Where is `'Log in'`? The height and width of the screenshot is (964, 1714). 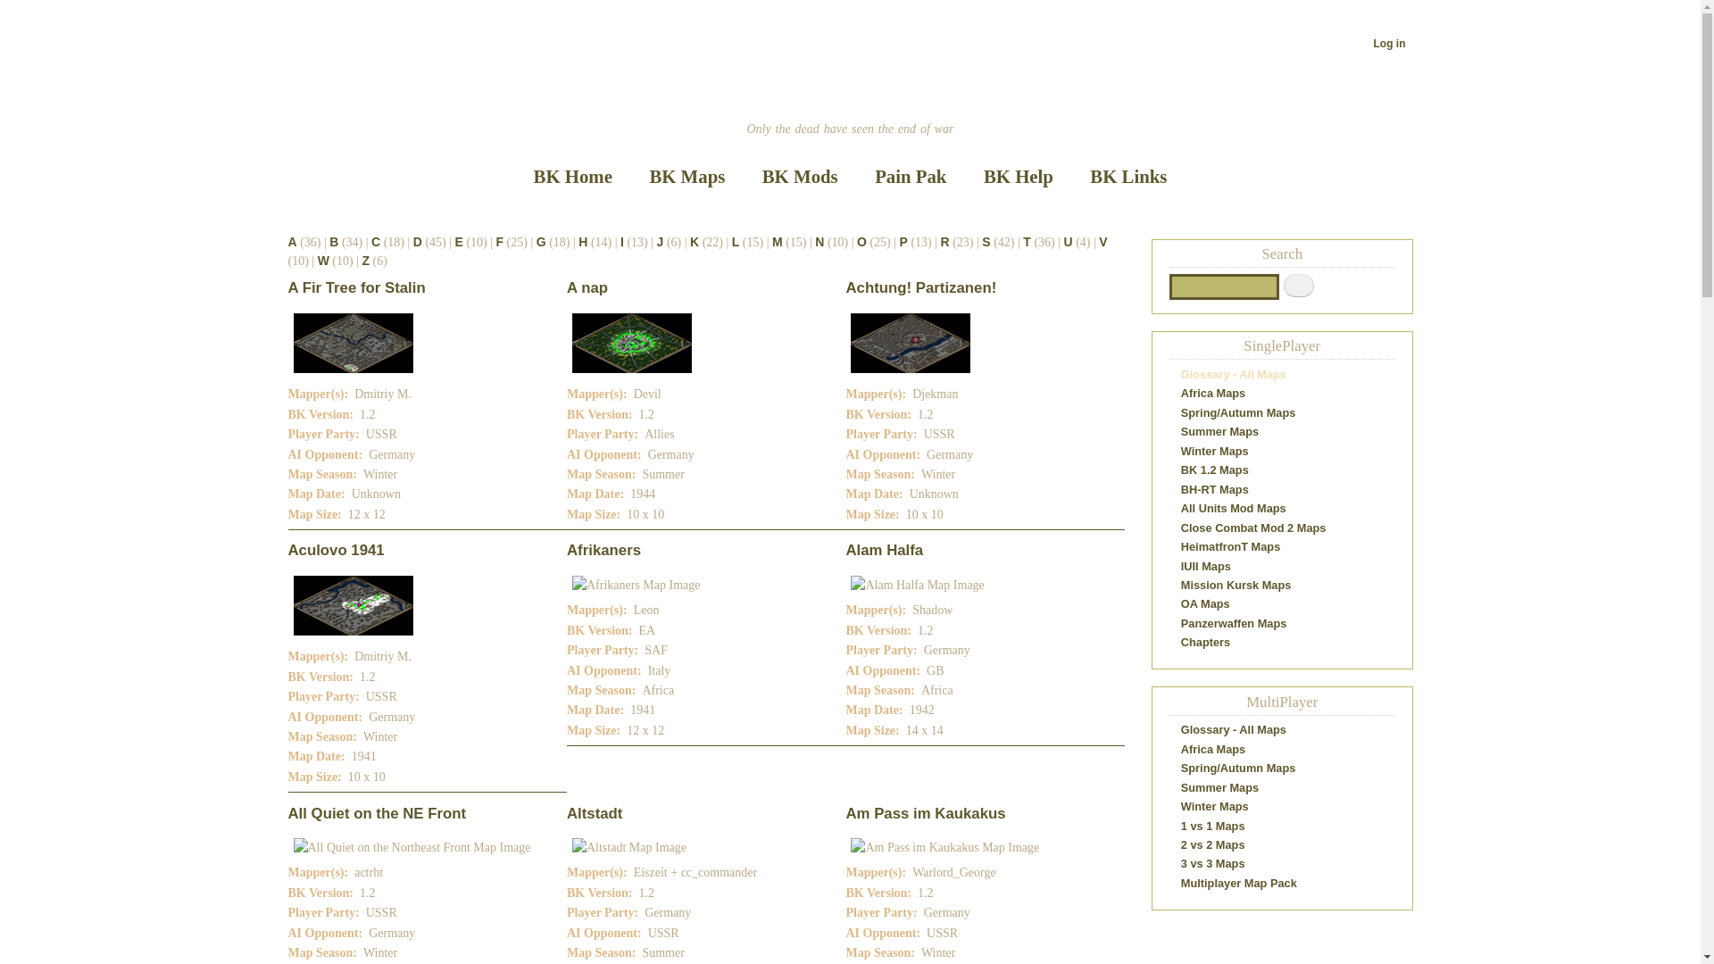
'Log in' is located at coordinates (1388, 43).